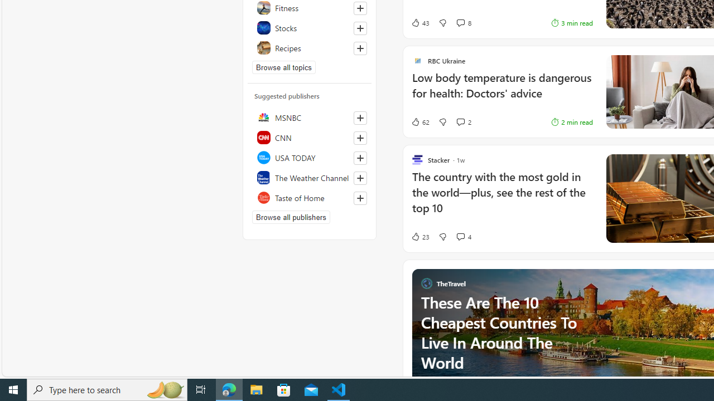 This screenshot has height=401, width=714. Describe the element at coordinates (360, 198) in the screenshot. I see `'Follow this source'` at that location.